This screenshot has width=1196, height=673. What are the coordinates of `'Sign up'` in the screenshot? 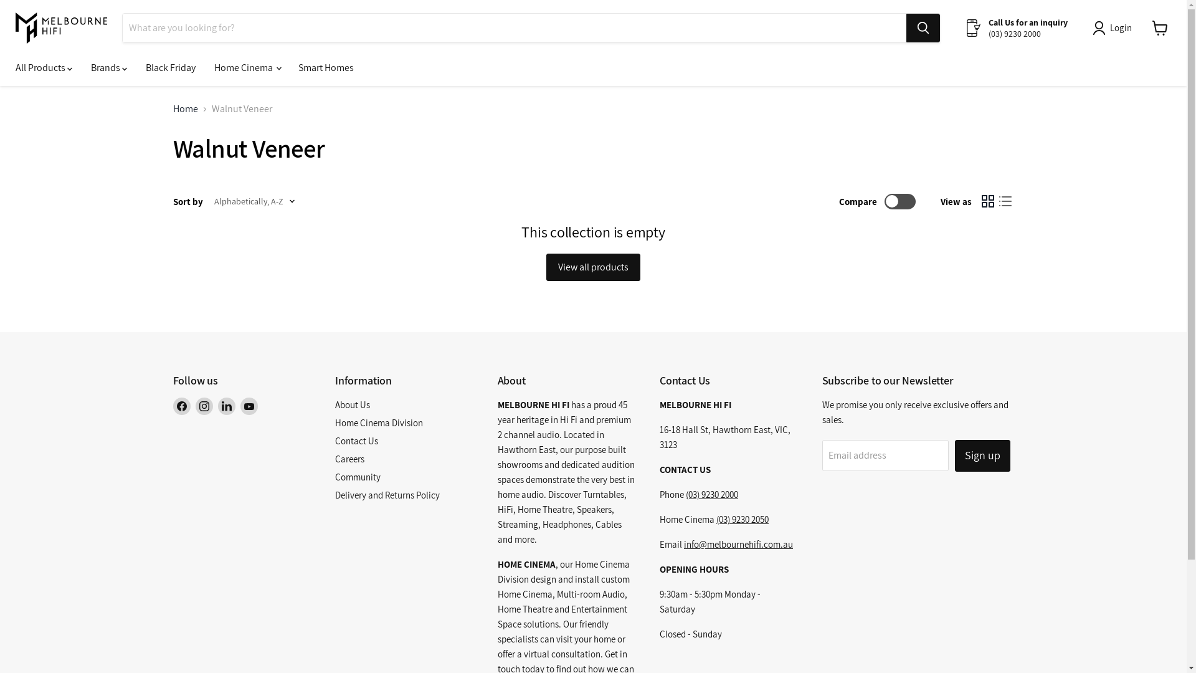 It's located at (954, 456).